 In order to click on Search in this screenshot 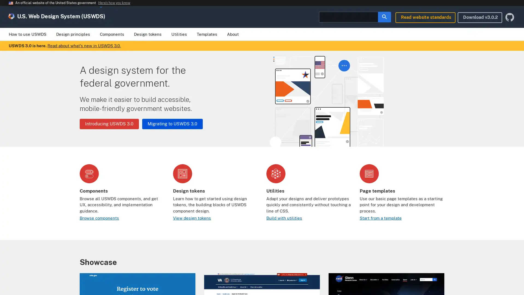, I will do `click(384, 16)`.